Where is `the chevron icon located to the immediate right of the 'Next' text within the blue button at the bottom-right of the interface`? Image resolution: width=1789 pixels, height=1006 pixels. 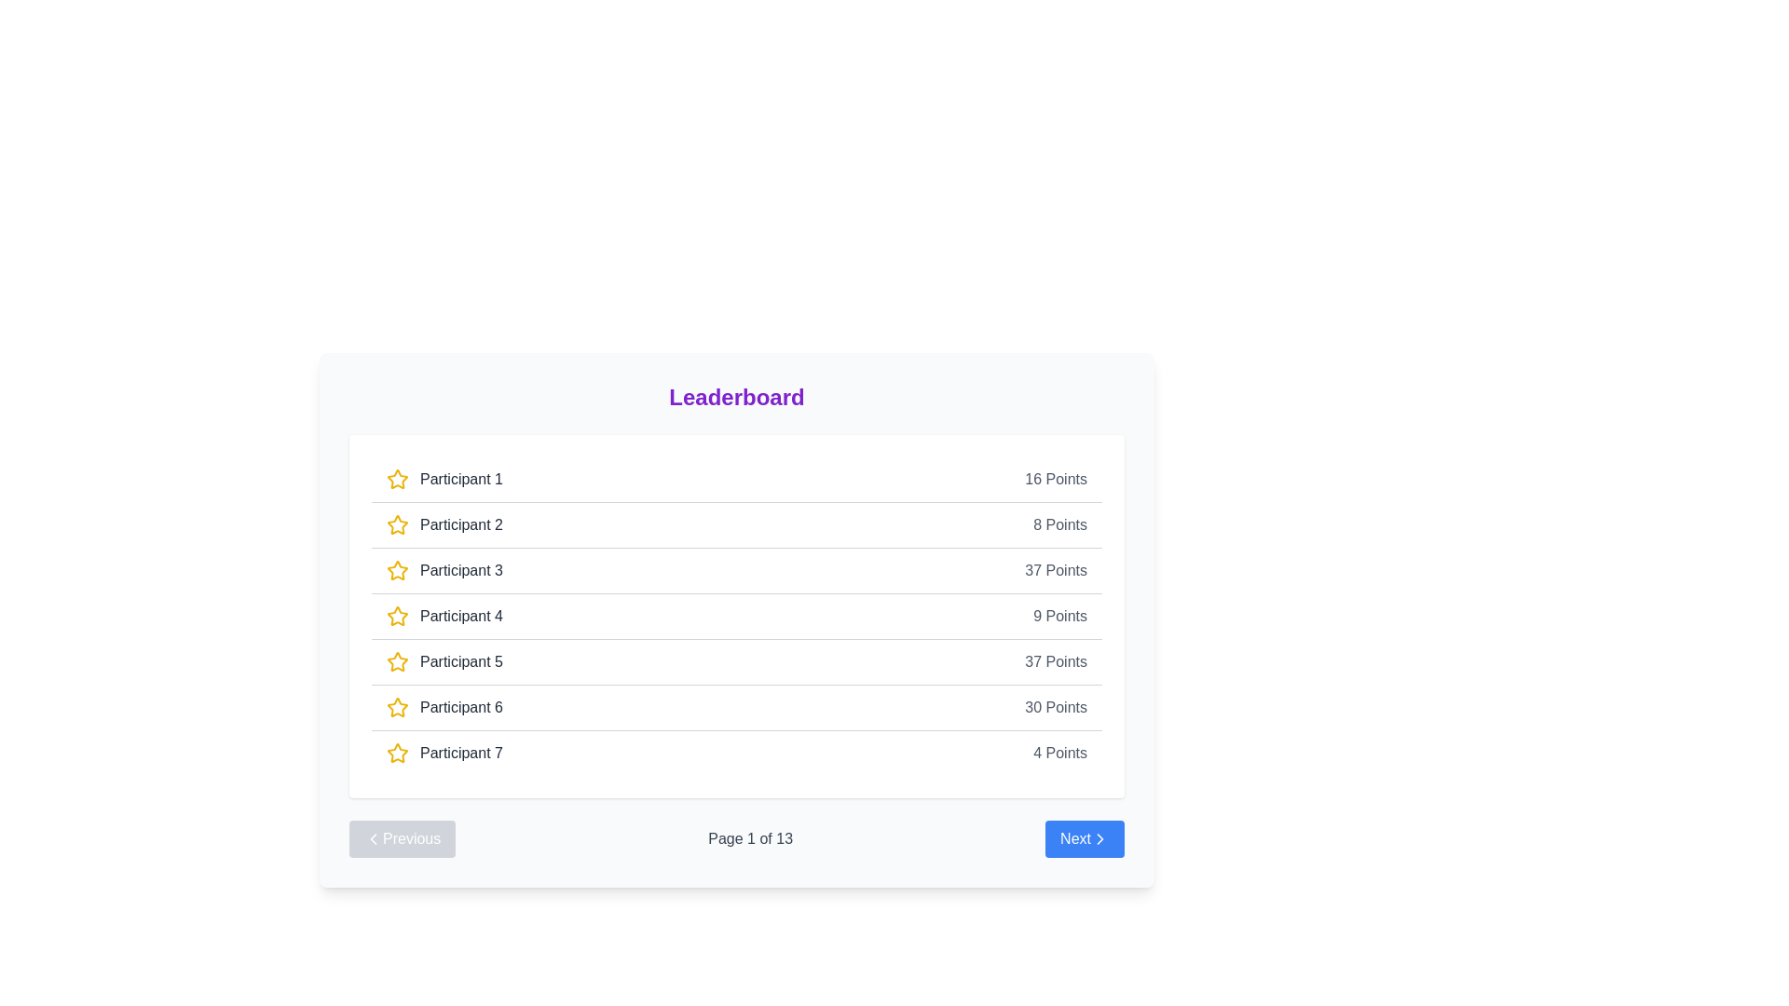
the chevron icon located to the immediate right of the 'Next' text within the blue button at the bottom-right of the interface is located at coordinates (1099, 839).